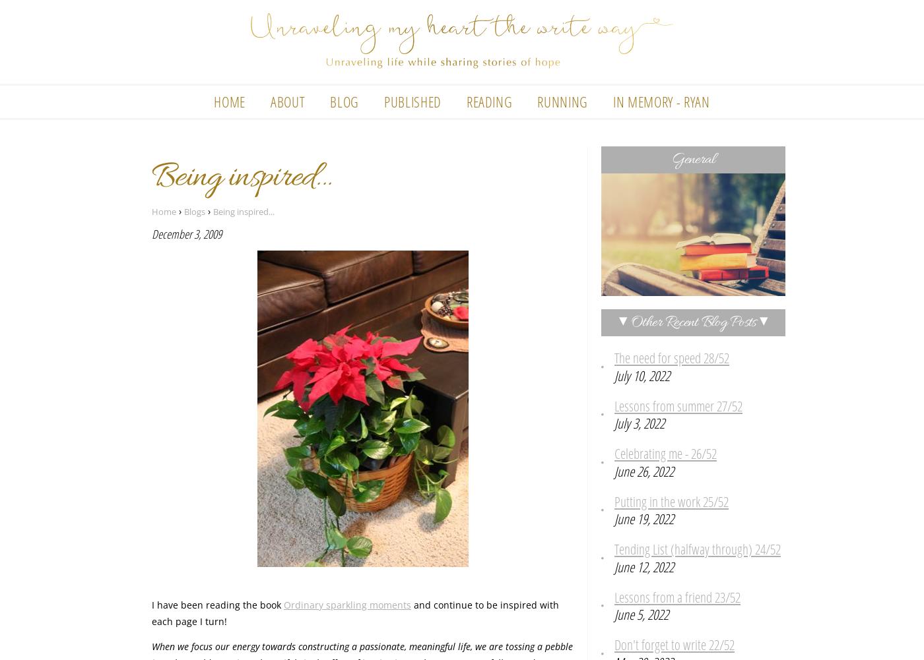 The width and height of the screenshot is (924, 660). I want to click on 'Celebrating me - 26/52', so click(665, 452).